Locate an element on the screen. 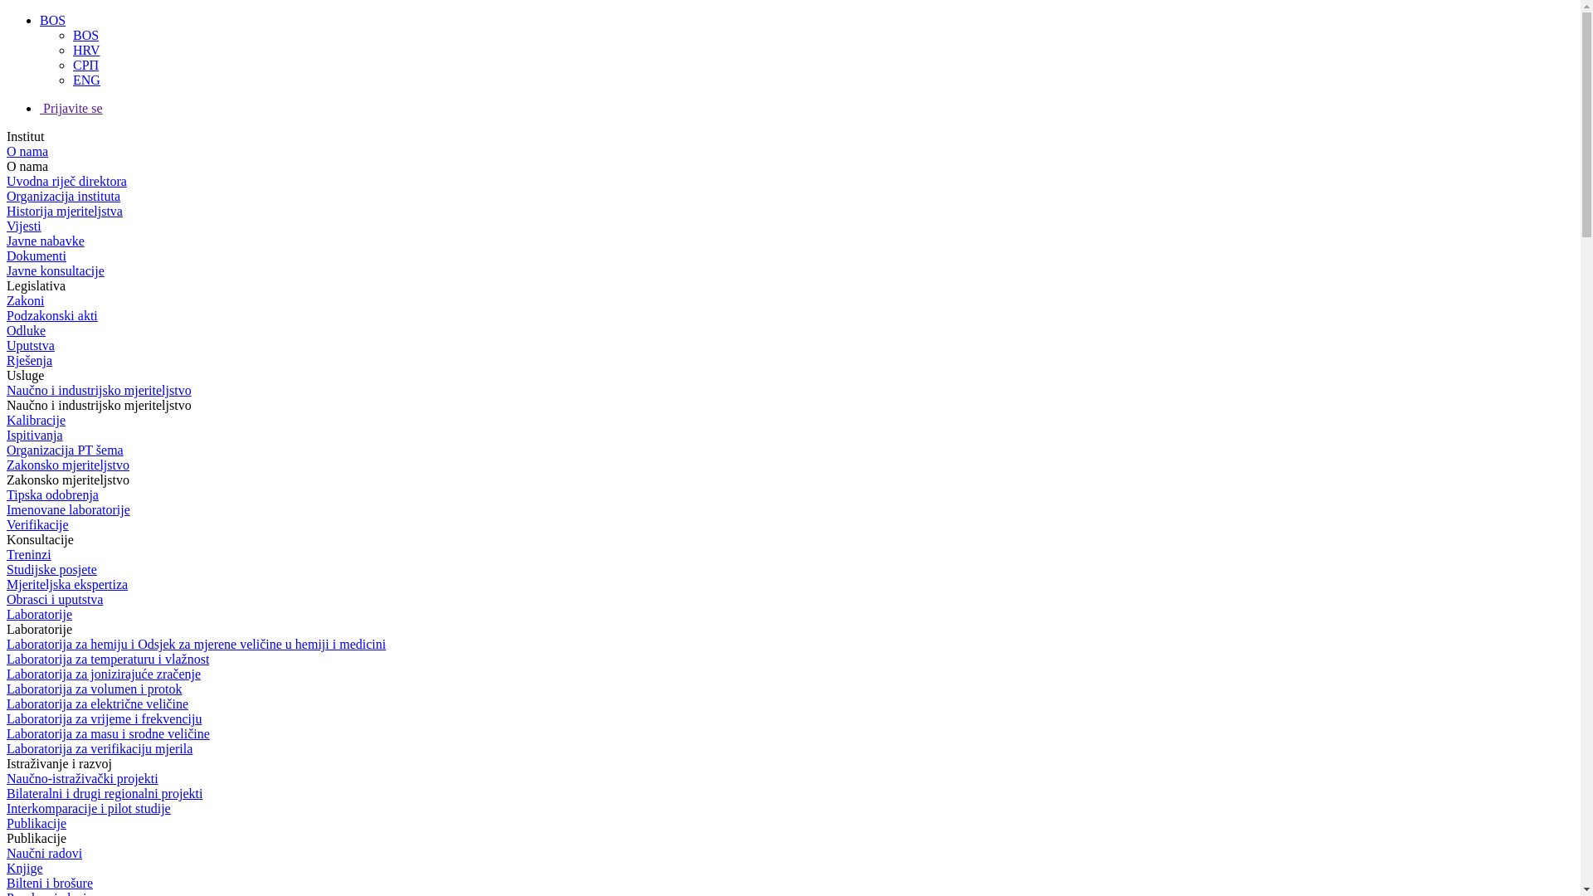 Image resolution: width=1593 pixels, height=896 pixels. 'Dokumenti' is located at coordinates (36, 256).